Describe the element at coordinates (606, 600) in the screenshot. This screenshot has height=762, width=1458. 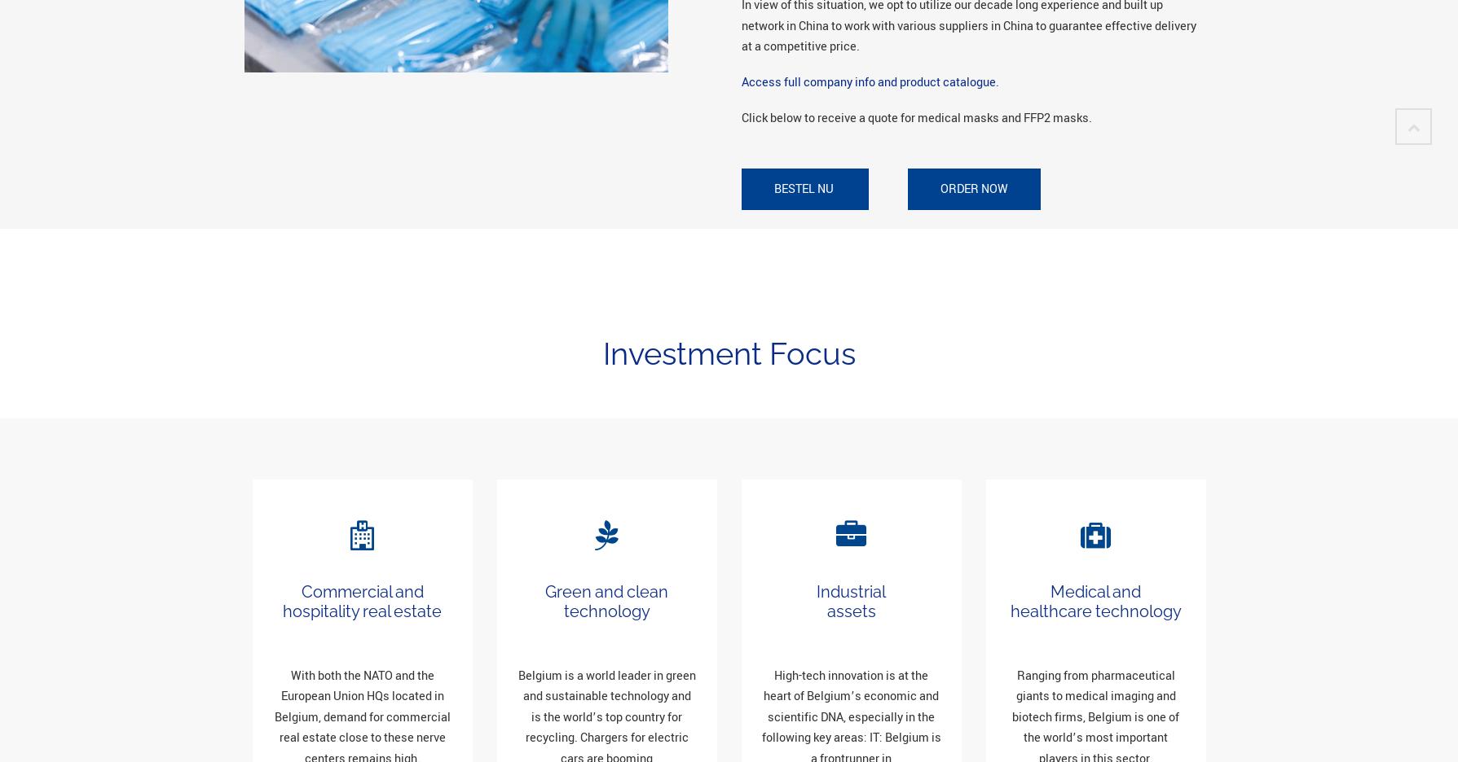
I see `'Green and clean technology'` at that location.